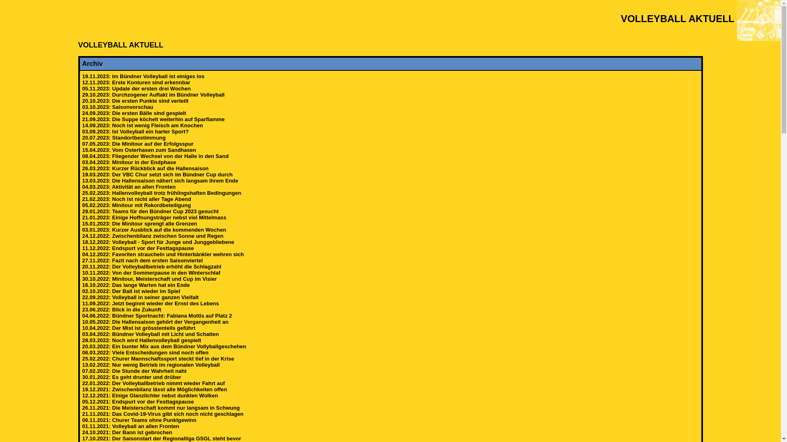 This screenshot has width=787, height=442. I want to click on '27.11.2022: Fazit nach dem ersten Saisonviertel', so click(142, 260).